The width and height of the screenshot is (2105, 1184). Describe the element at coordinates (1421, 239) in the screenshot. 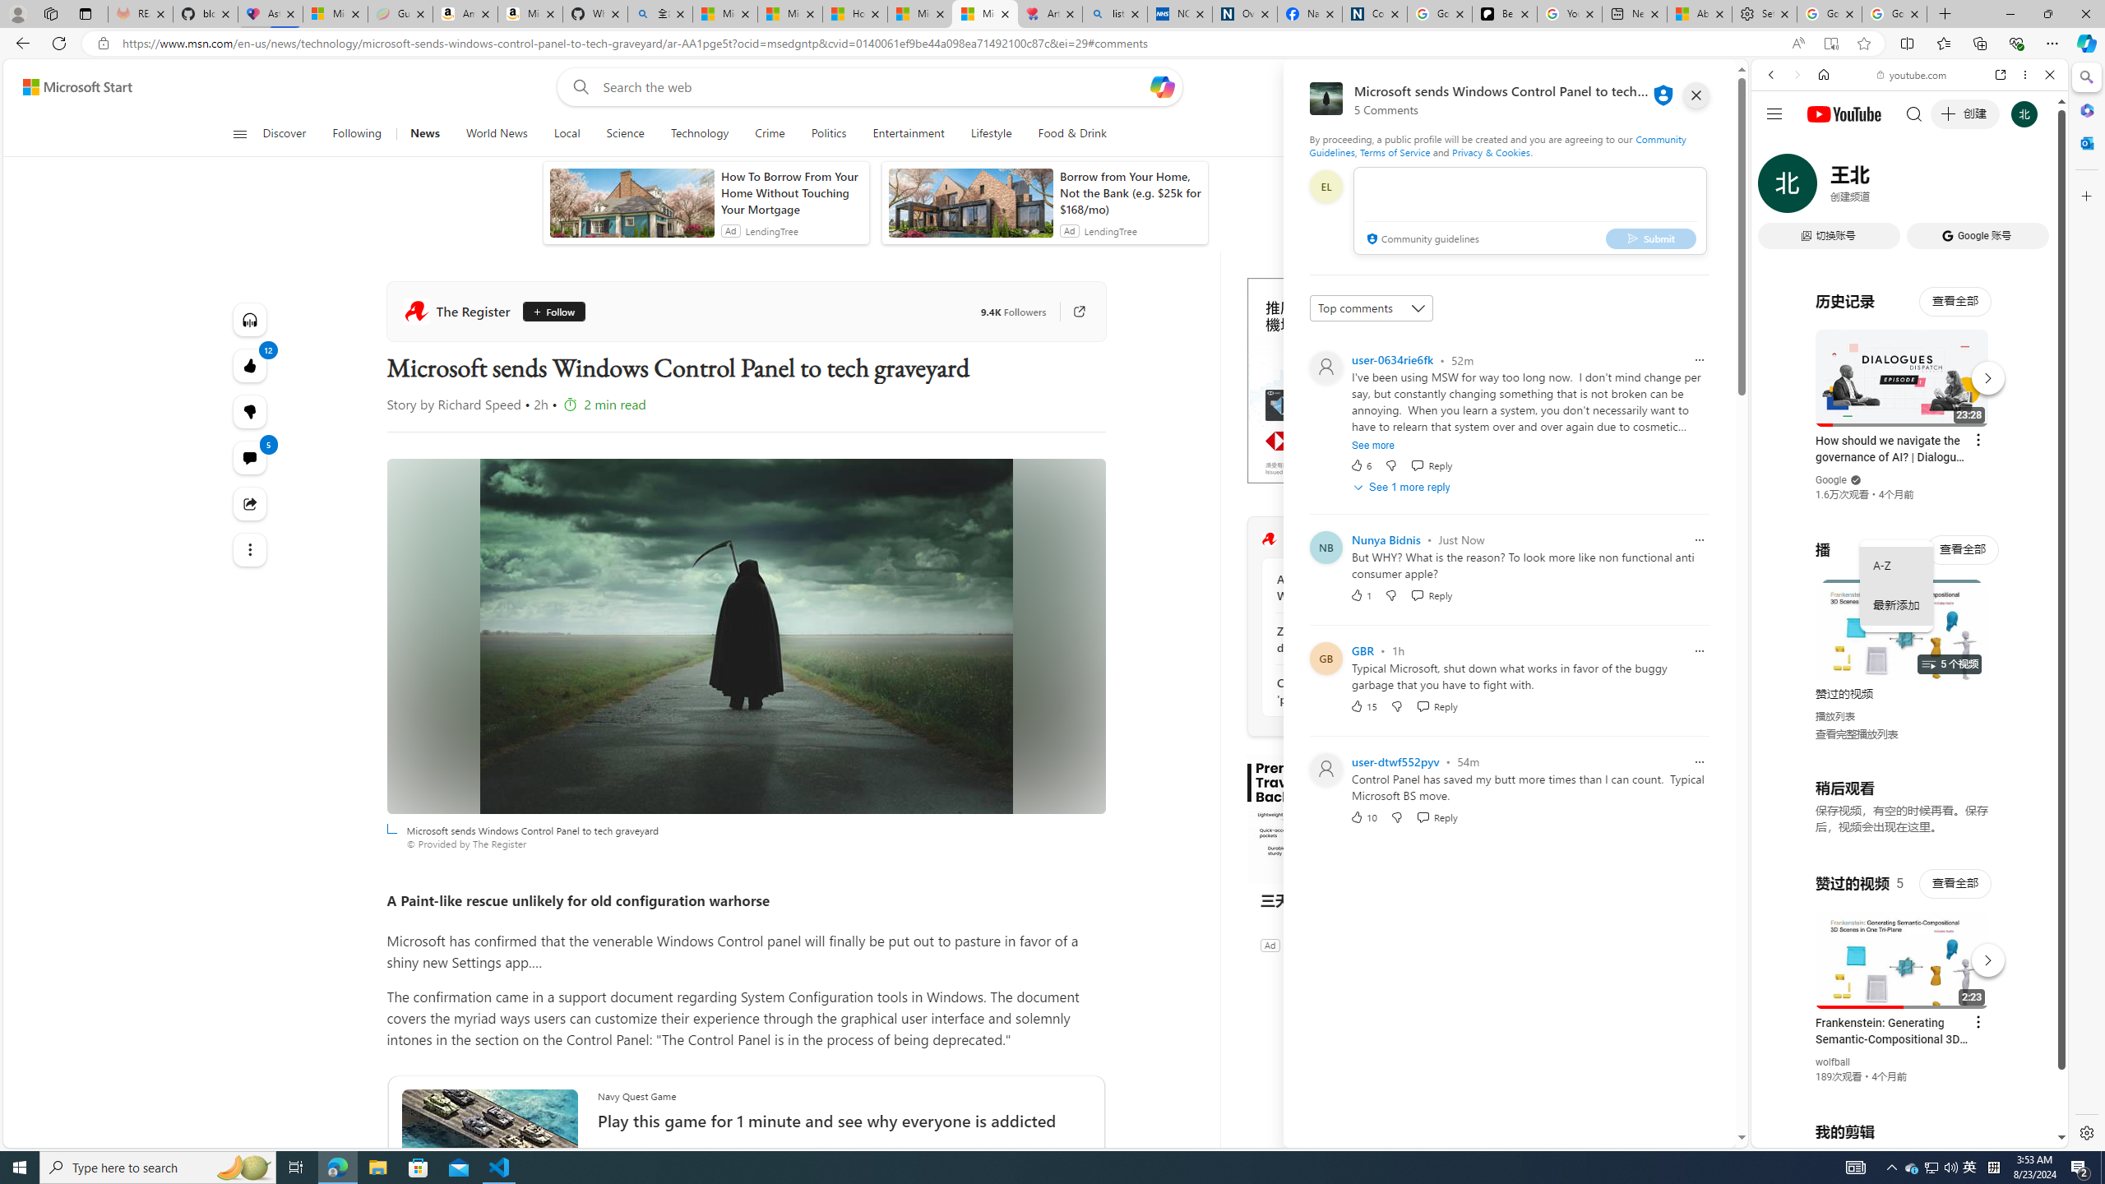

I see `'Community guidelines'` at that location.